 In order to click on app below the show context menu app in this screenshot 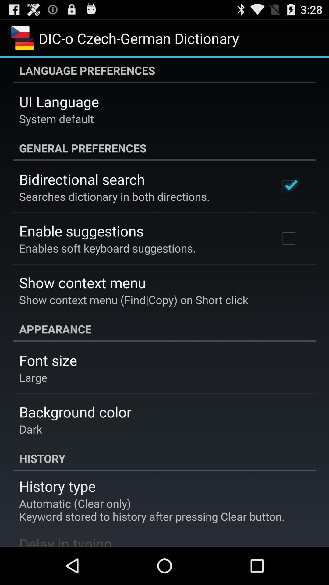, I will do `click(164, 329)`.